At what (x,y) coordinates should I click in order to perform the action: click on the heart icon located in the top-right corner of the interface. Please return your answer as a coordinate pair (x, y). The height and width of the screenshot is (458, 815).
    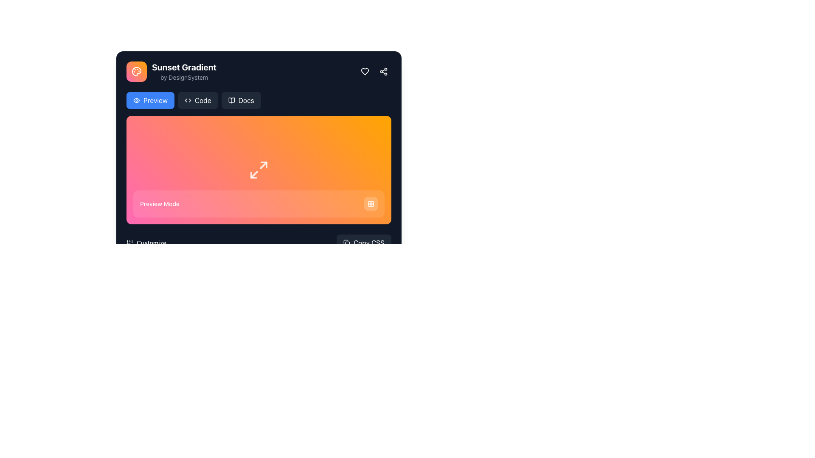
    Looking at the image, I should click on (365, 71).